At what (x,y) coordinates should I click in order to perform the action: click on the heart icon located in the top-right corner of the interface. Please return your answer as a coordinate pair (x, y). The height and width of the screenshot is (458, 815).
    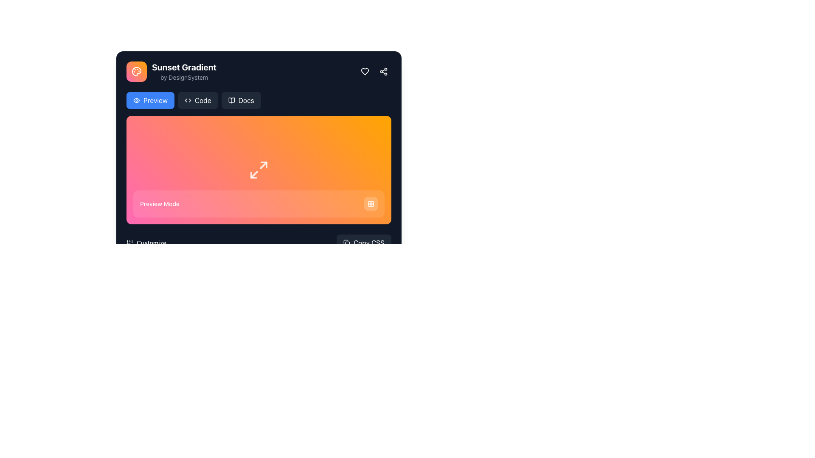
    Looking at the image, I should click on (365, 71).